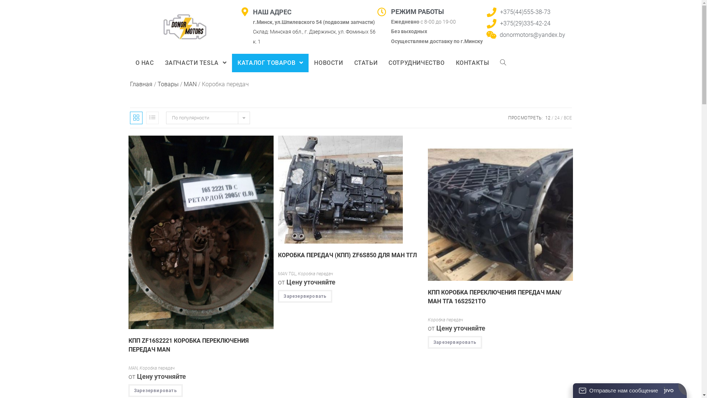 The image size is (707, 398). What do you see at coordinates (190, 84) in the screenshot?
I see `'MAN'` at bounding box center [190, 84].